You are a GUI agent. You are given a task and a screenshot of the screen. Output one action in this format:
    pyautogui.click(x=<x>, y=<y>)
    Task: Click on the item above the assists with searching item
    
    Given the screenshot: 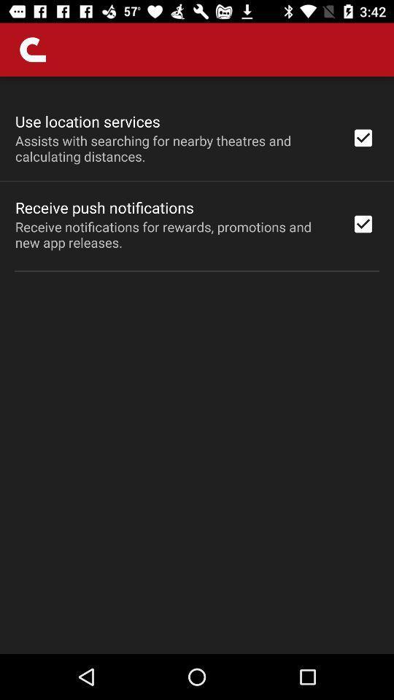 What is the action you would take?
    pyautogui.click(x=88, y=120)
    